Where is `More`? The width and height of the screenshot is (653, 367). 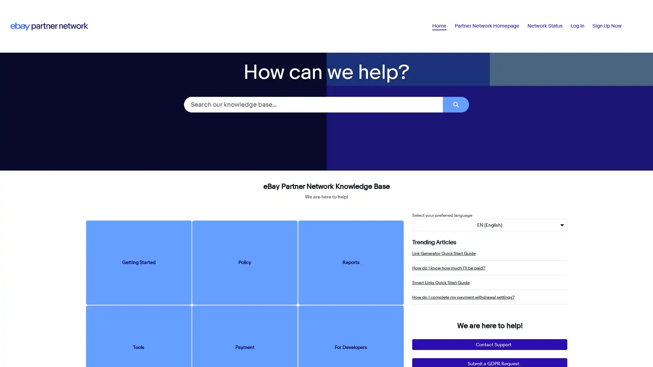 More is located at coordinates (613, 25).